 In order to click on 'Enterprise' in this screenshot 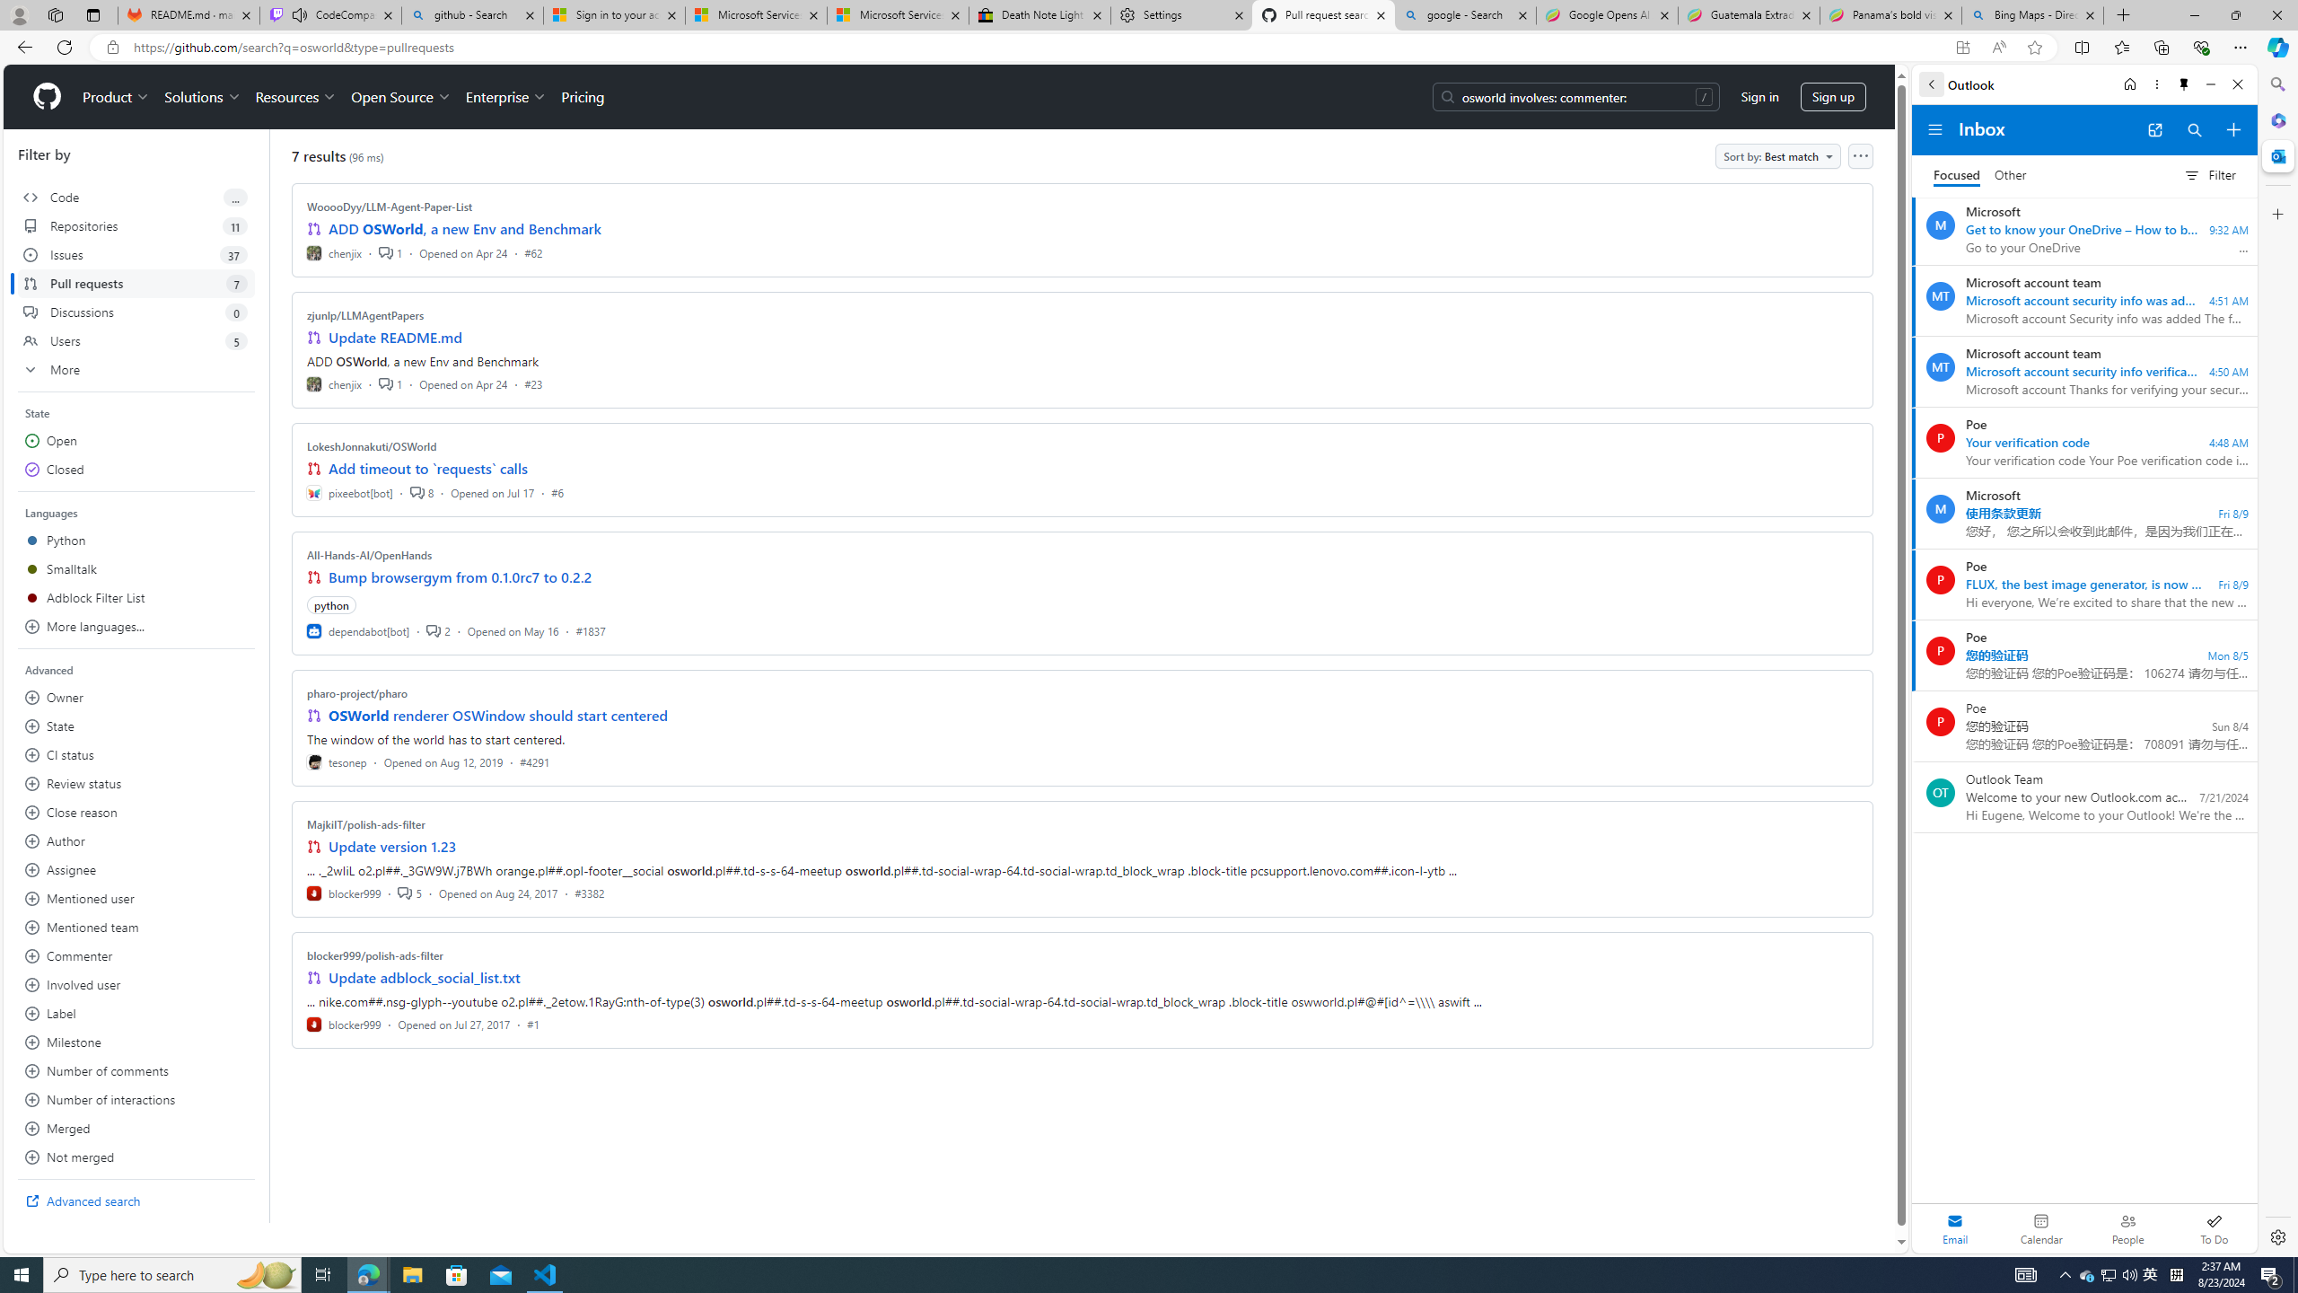, I will do `click(504, 96)`.